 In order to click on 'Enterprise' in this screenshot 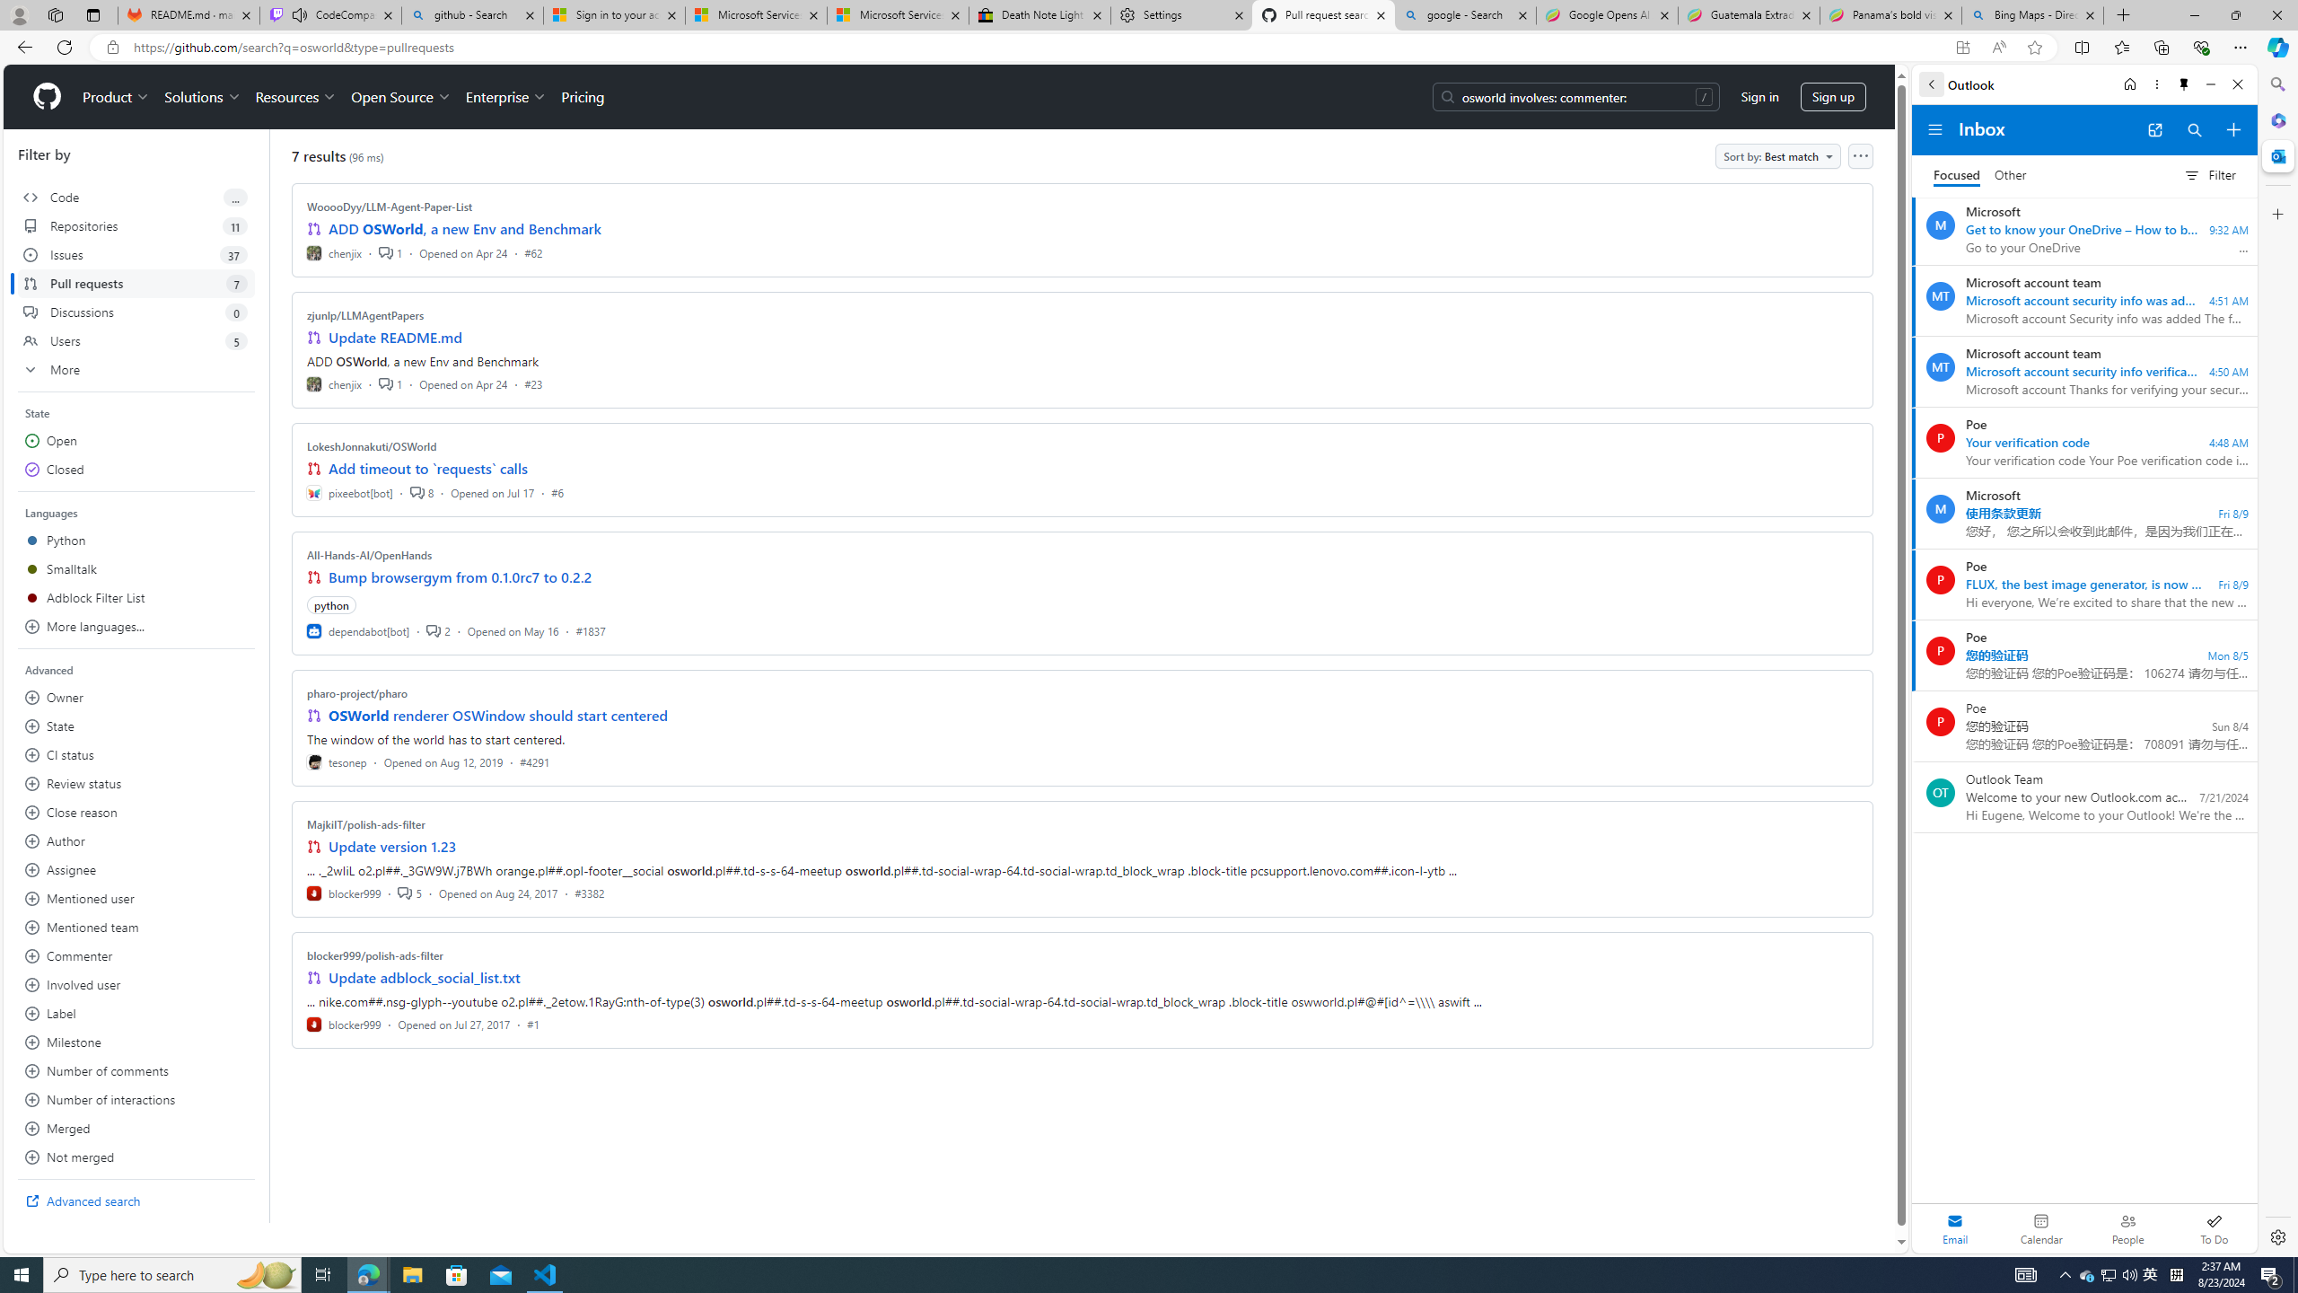, I will do `click(504, 96)`.